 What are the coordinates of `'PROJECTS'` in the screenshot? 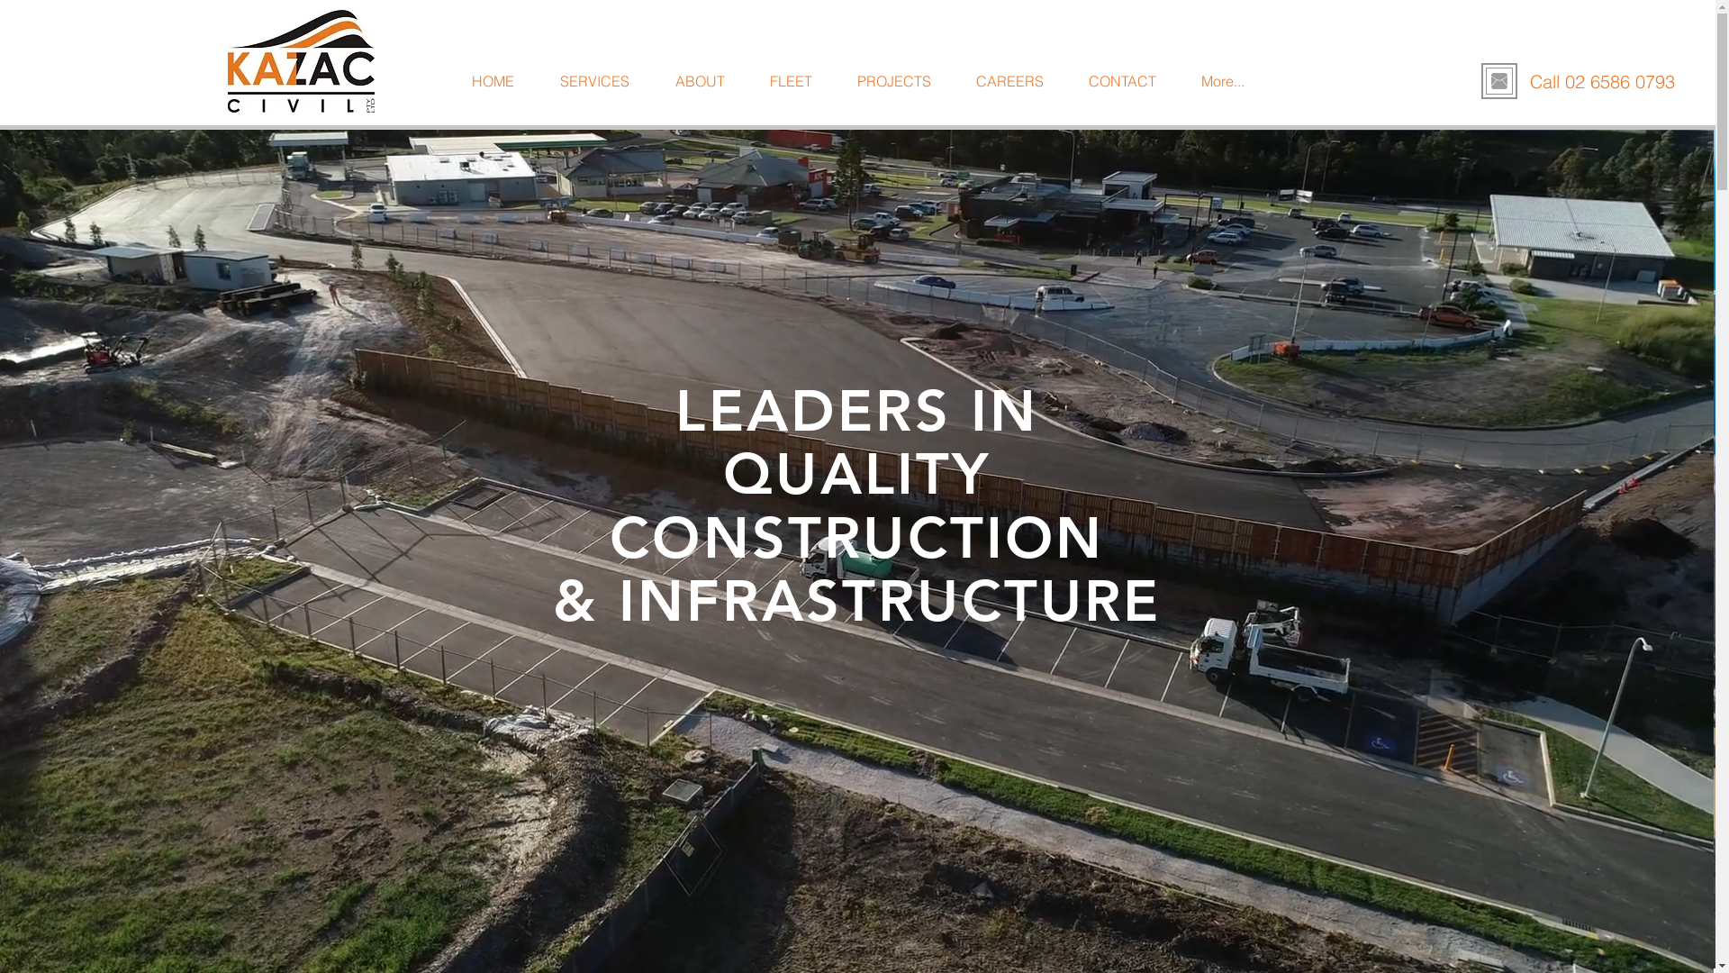 It's located at (894, 81).